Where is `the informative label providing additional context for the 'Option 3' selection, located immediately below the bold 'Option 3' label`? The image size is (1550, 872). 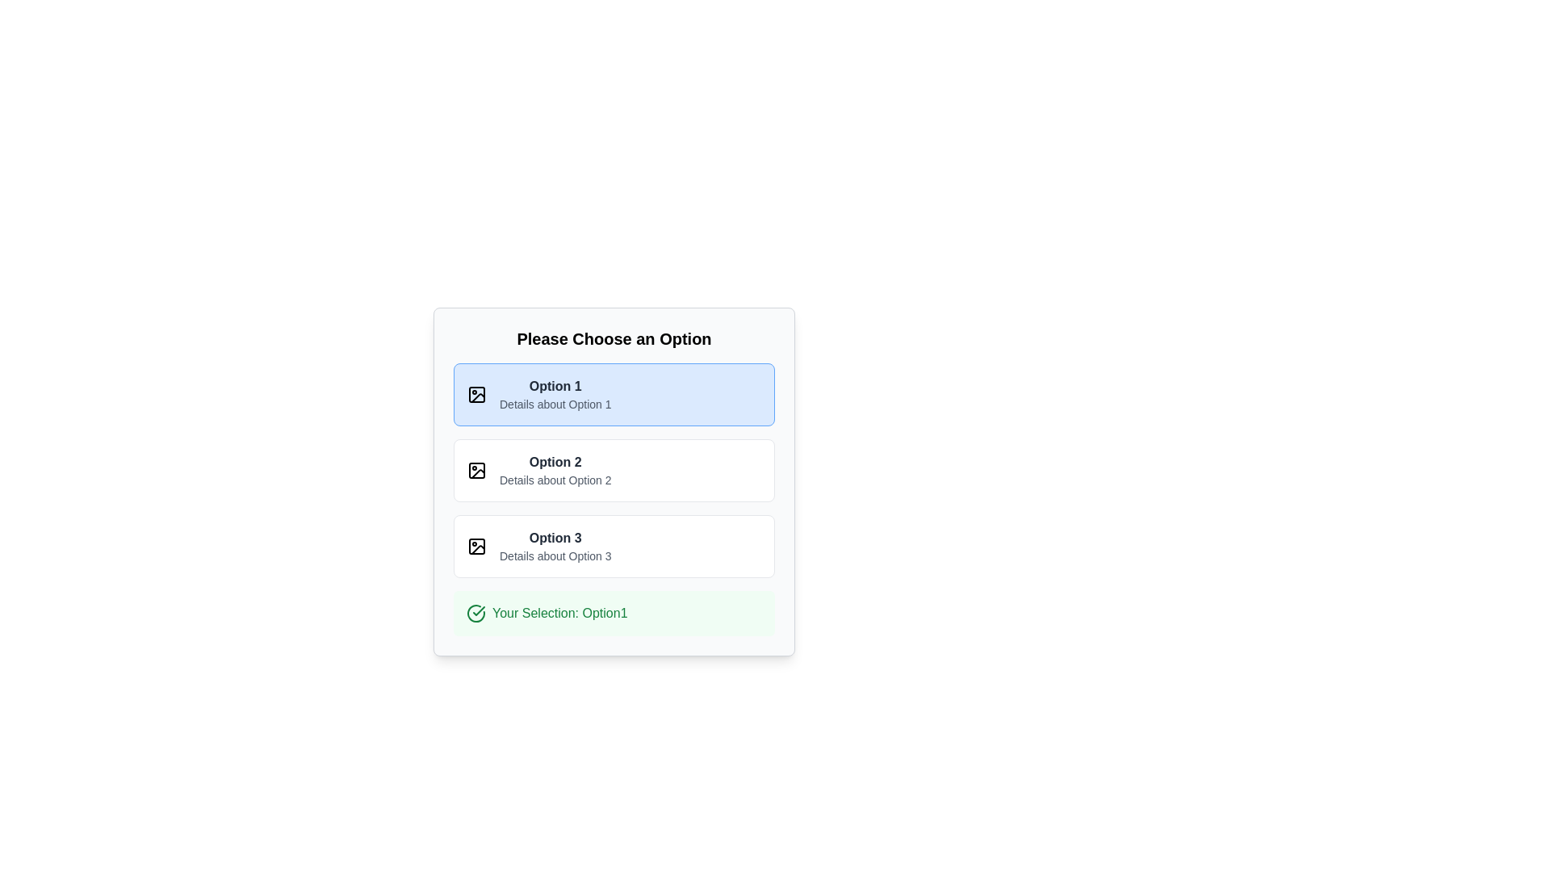 the informative label providing additional context for the 'Option 3' selection, located immediately below the bold 'Option 3' label is located at coordinates (555, 555).